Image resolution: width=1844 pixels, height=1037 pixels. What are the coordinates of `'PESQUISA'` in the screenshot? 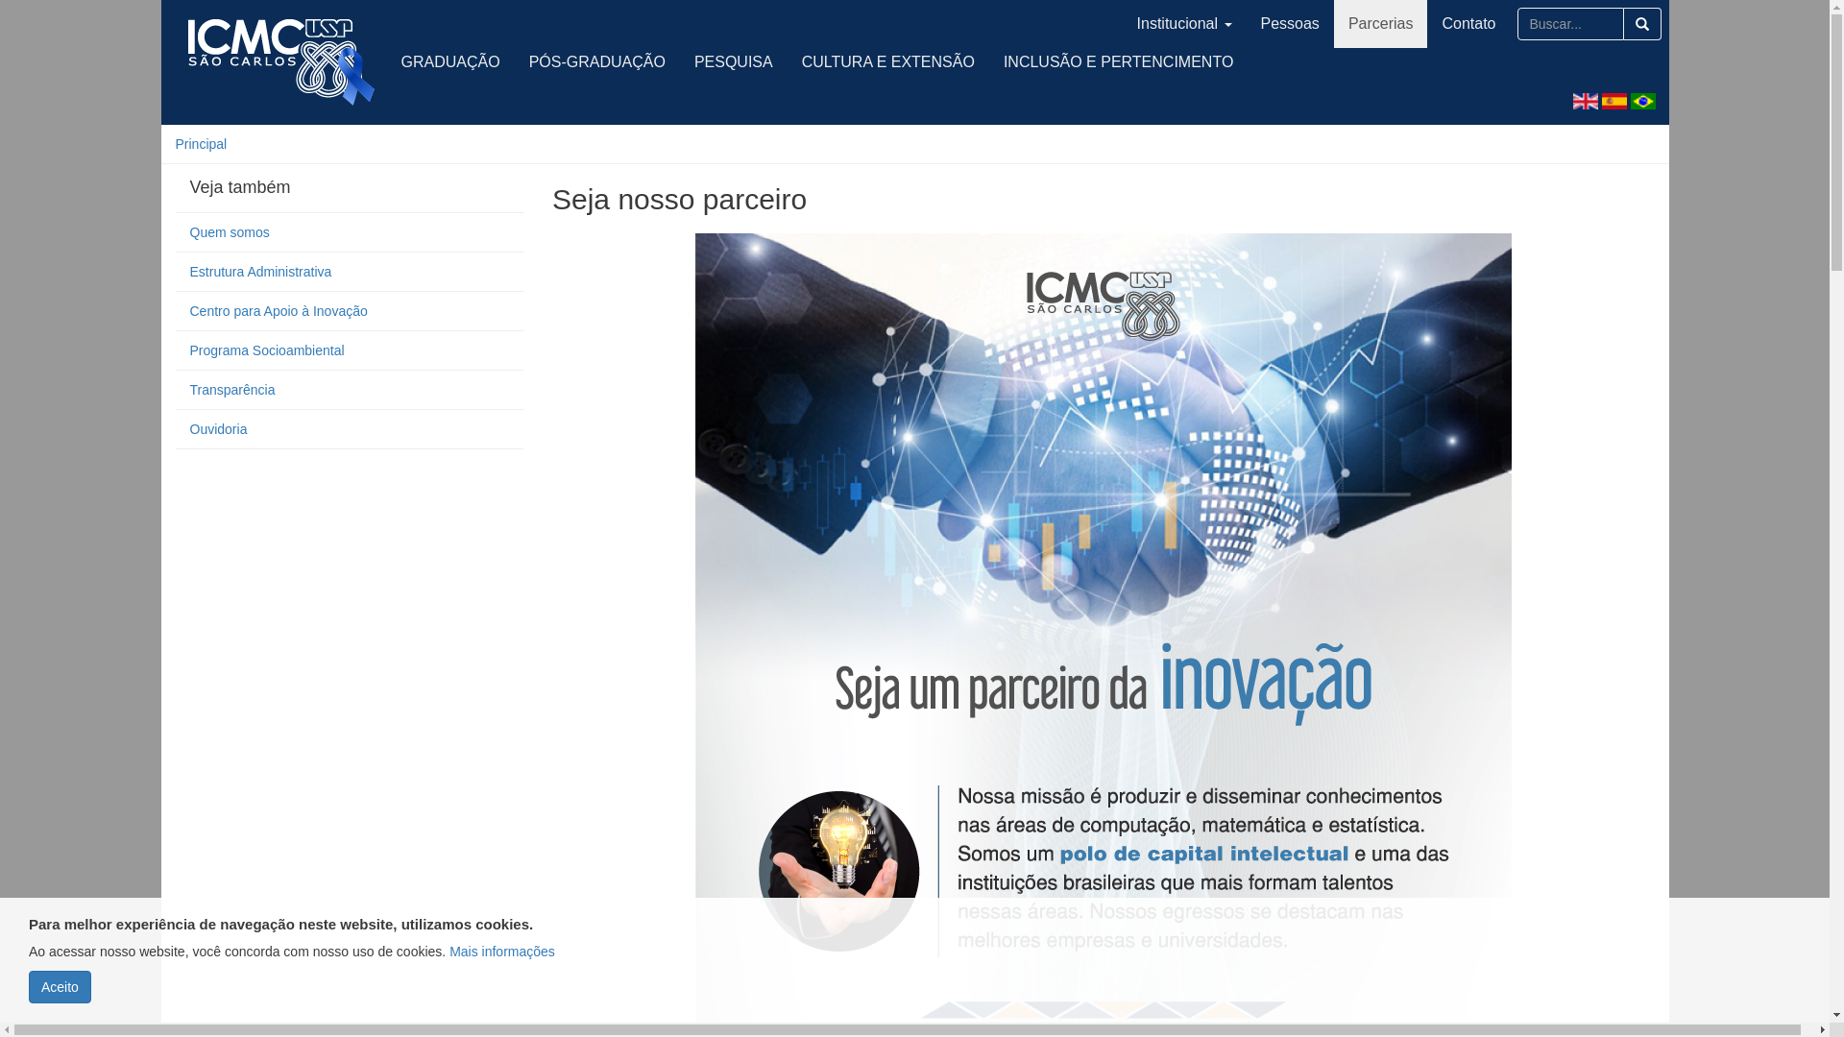 It's located at (732, 61).